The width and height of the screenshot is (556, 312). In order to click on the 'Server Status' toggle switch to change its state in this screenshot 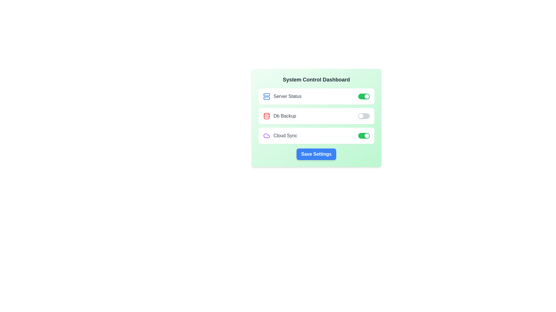, I will do `click(363, 96)`.